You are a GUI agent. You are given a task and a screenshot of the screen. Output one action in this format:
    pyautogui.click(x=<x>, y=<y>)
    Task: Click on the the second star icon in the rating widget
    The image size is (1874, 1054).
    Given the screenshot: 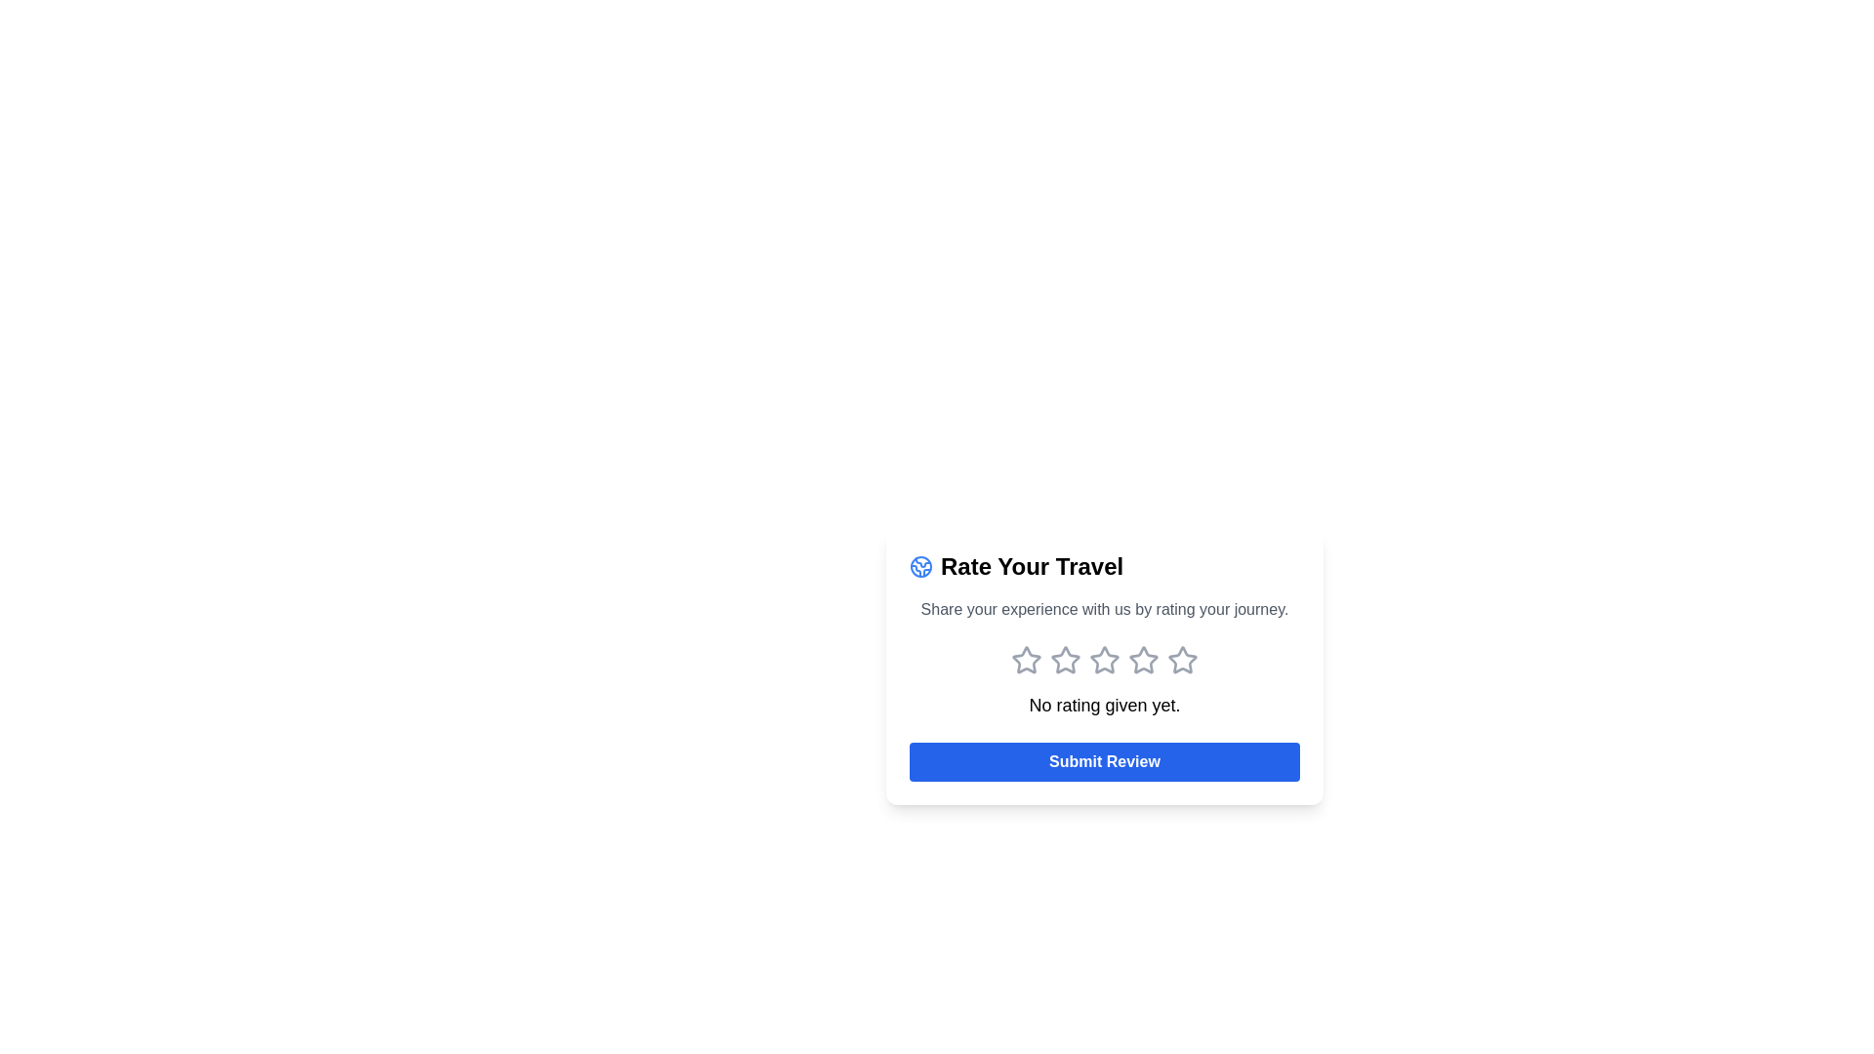 What is the action you would take?
    pyautogui.click(x=1105, y=659)
    